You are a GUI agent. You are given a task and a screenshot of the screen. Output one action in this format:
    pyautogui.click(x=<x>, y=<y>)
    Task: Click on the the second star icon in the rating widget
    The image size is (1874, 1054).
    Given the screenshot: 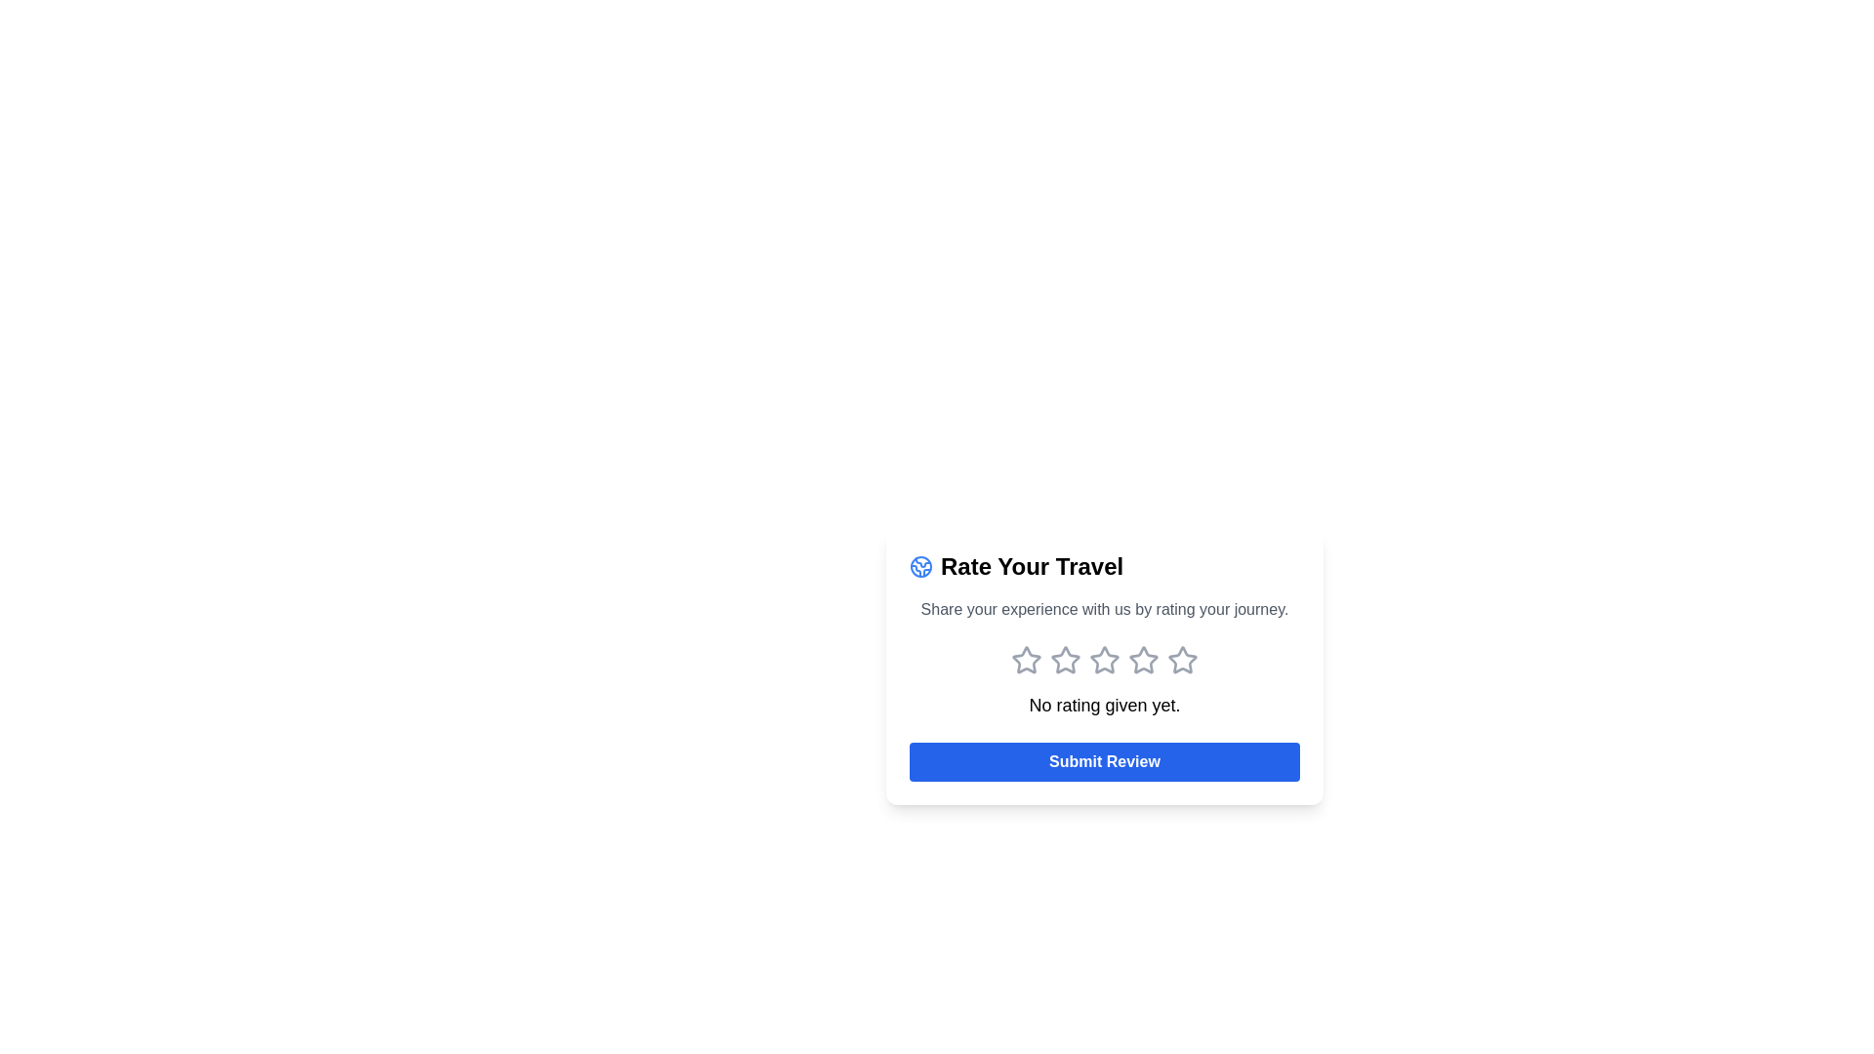 What is the action you would take?
    pyautogui.click(x=1105, y=659)
    